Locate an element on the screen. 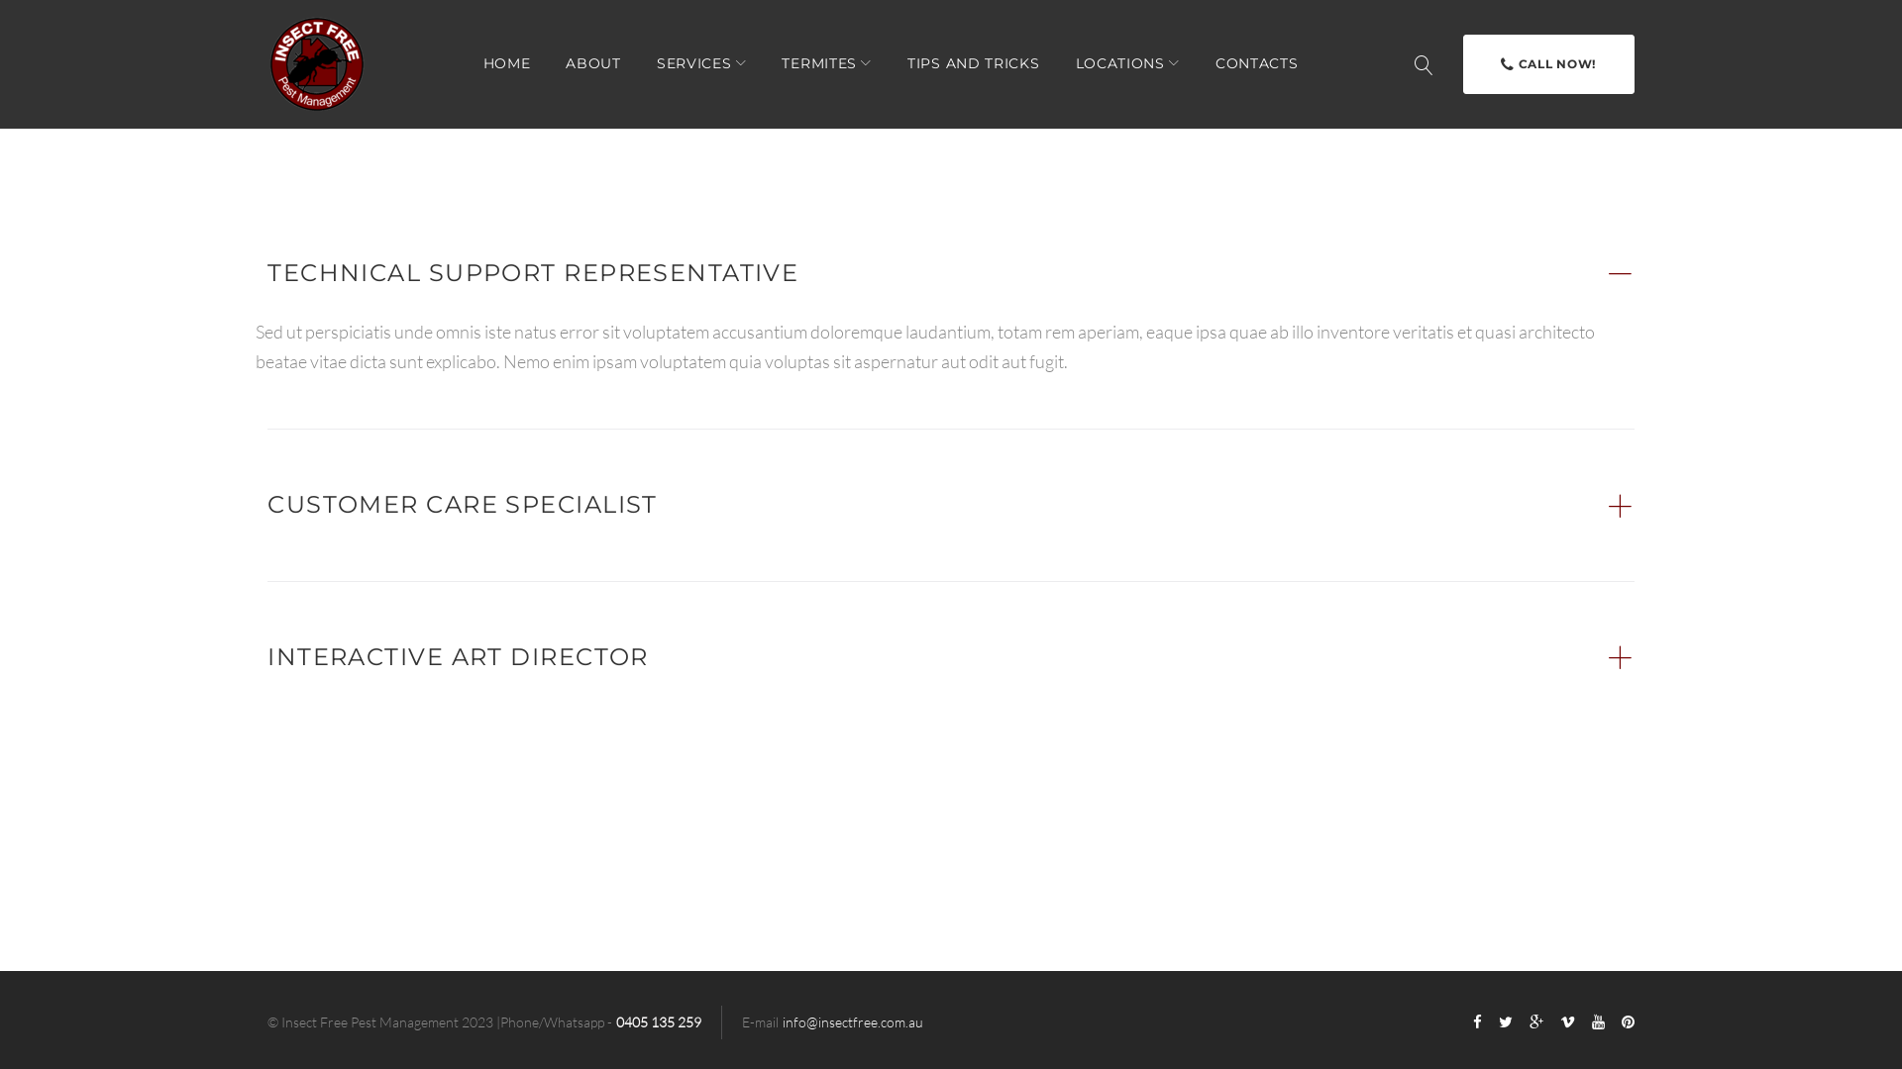  'CALL NOW!' is located at coordinates (1547, 63).